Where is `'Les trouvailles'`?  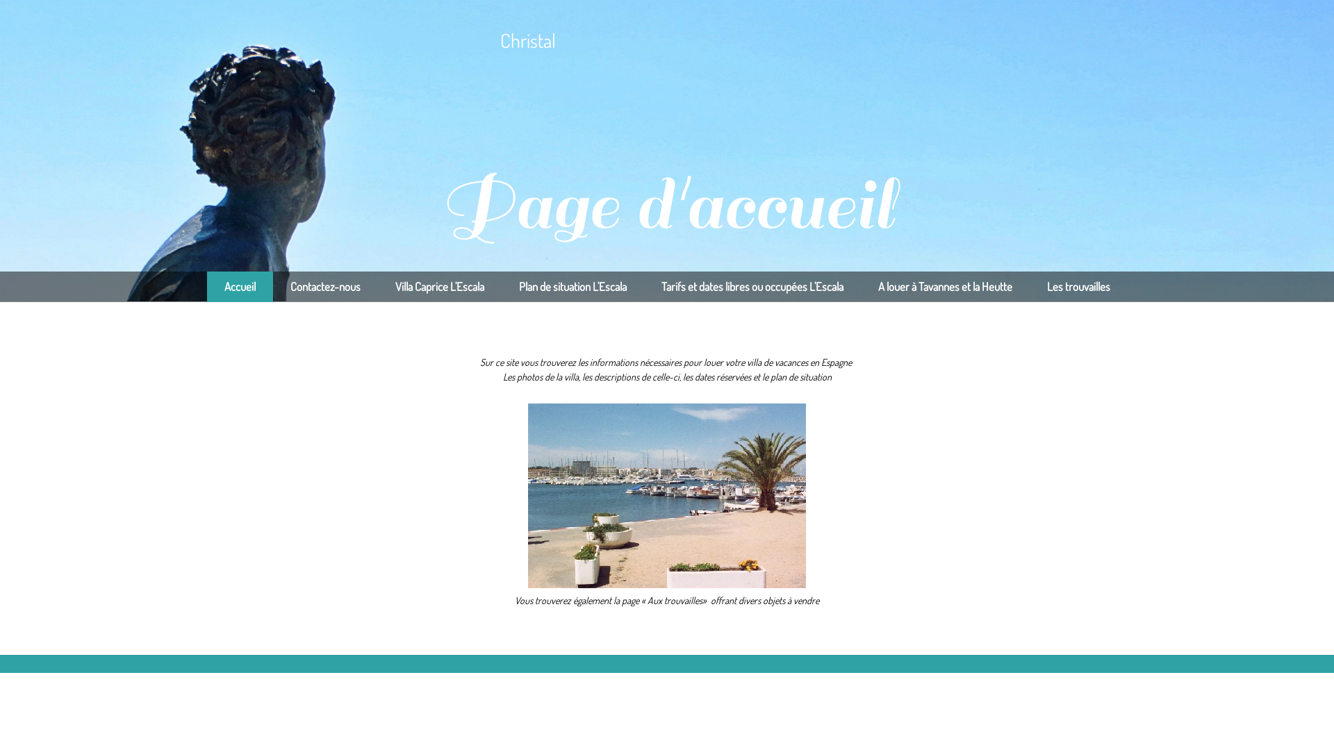 'Les trouvailles' is located at coordinates (1078, 285).